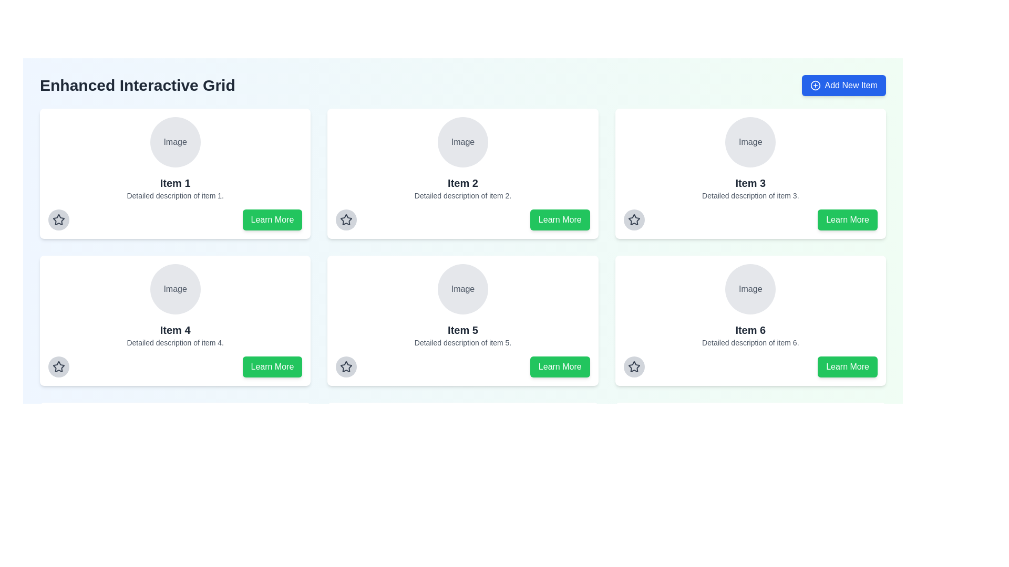 This screenshot has height=567, width=1009. I want to click on the Text Label displaying 'Detailed description of item 3.' which is located beneath the title 'Item 3' in the card layout, so click(750, 196).